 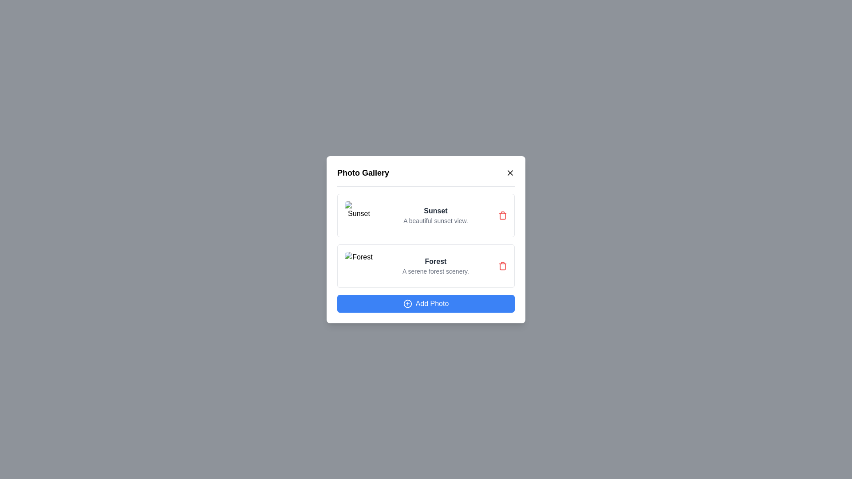 I want to click on the 'Add Photo' button located at the bottom of the modal window to initiate adding a photo, so click(x=426, y=302).